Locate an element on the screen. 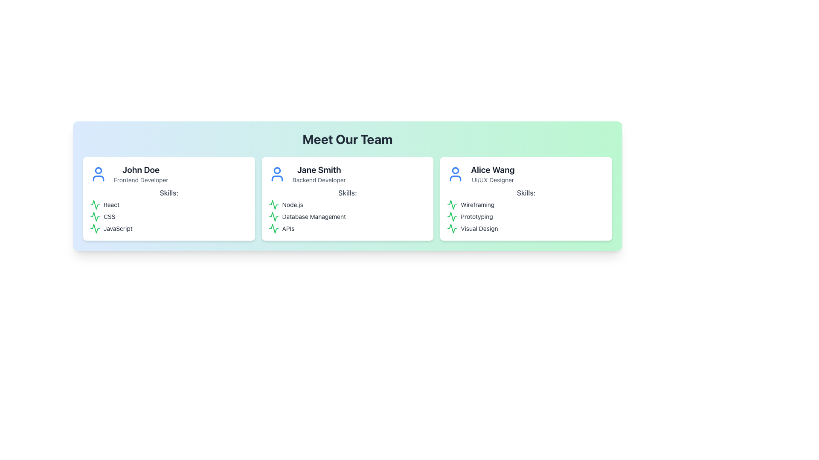 This screenshot has width=819, height=460. the thin, green, zigzag line icon representing 'Database Management' under the 'Skills' section for 'Jane Smith' in the second card from the left is located at coordinates (273, 216).